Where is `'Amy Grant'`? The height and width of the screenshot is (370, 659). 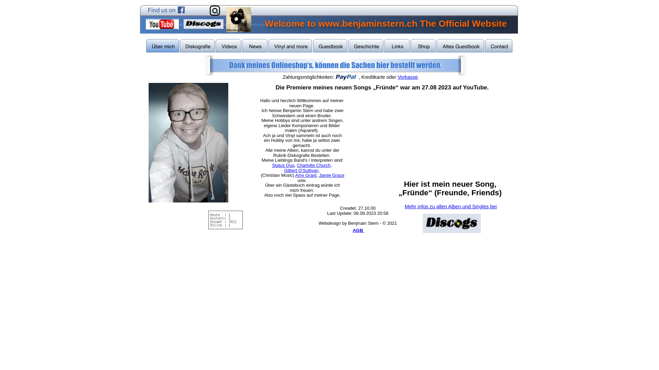
'Amy Grant' is located at coordinates (305, 175).